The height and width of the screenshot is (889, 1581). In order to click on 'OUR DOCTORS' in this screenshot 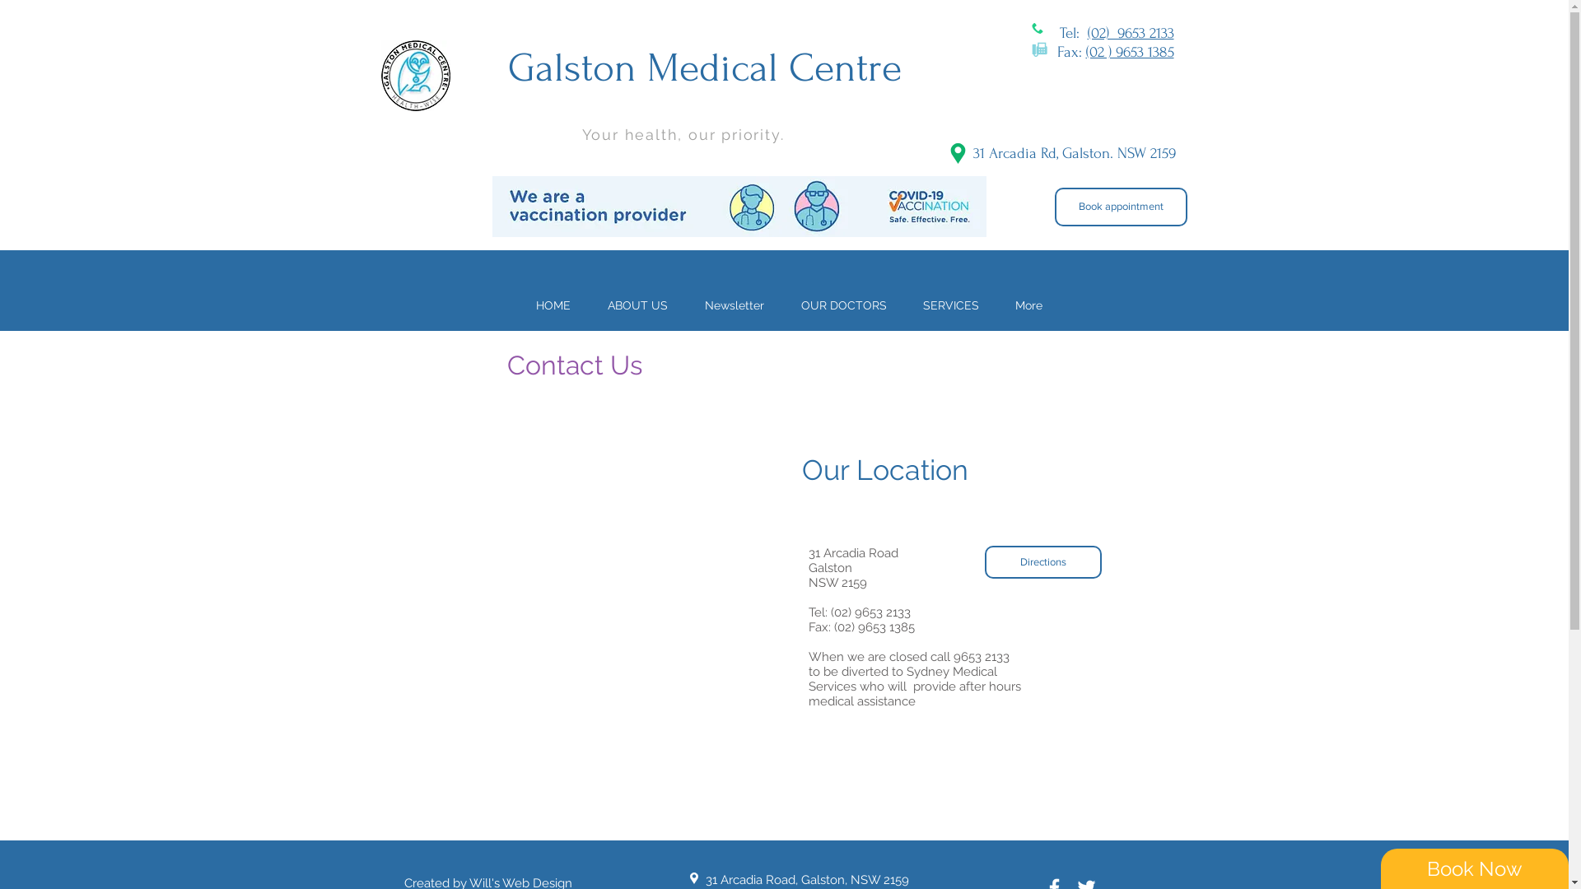, I will do `click(781, 305)`.